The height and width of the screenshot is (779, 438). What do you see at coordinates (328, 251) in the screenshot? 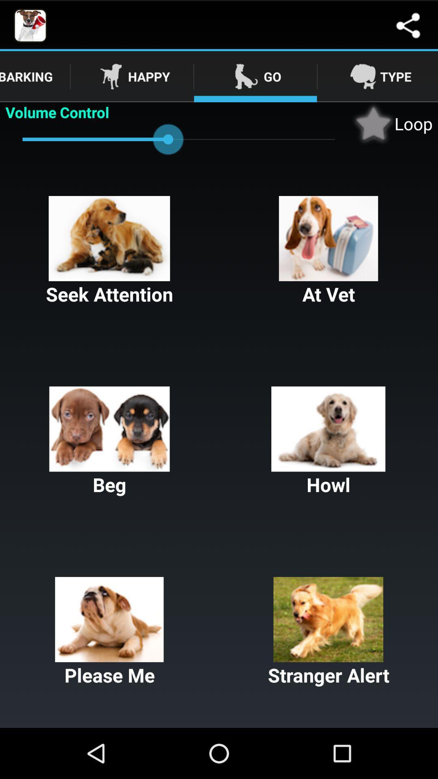
I see `button above the beg` at bounding box center [328, 251].